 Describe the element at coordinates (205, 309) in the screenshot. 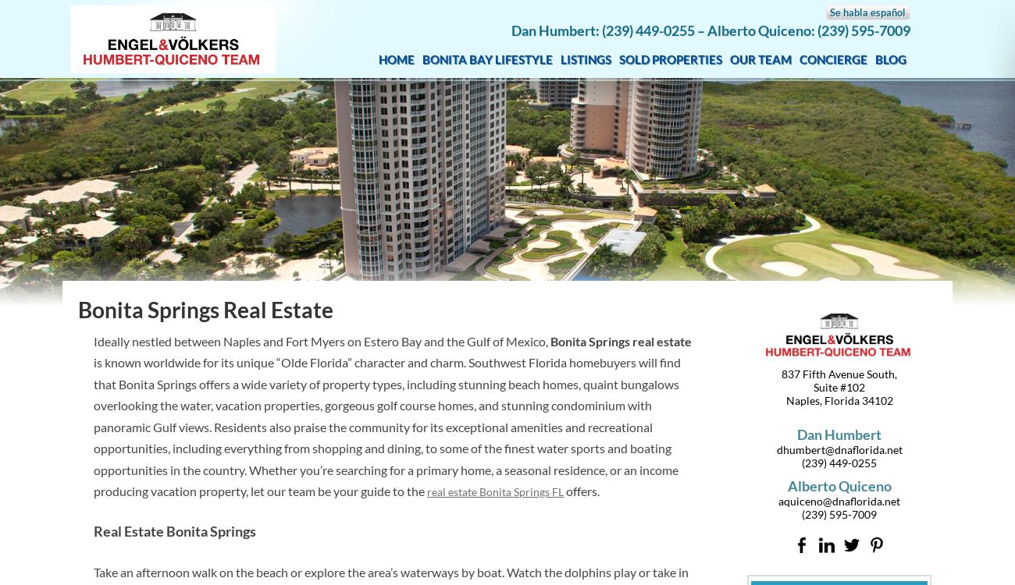

I see `'Bonita Springs Real Estate'` at that location.